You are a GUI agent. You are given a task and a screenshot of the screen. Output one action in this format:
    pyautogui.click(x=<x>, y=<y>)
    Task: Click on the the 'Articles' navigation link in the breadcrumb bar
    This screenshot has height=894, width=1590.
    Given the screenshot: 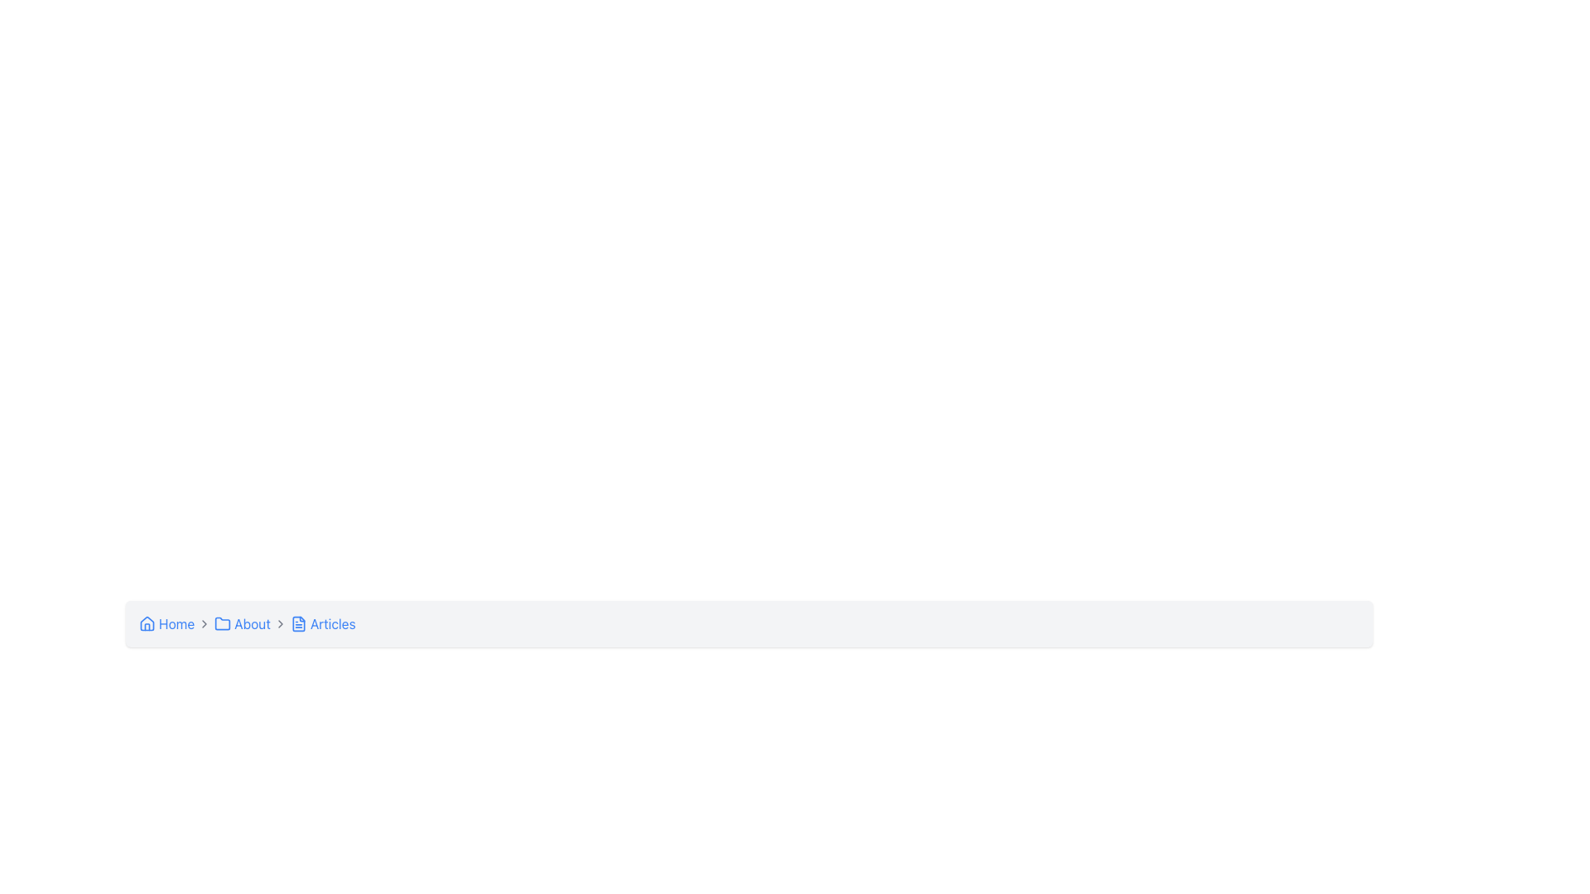 What is the action you would take?
    pyautogui.click(x=323, y=623)
    